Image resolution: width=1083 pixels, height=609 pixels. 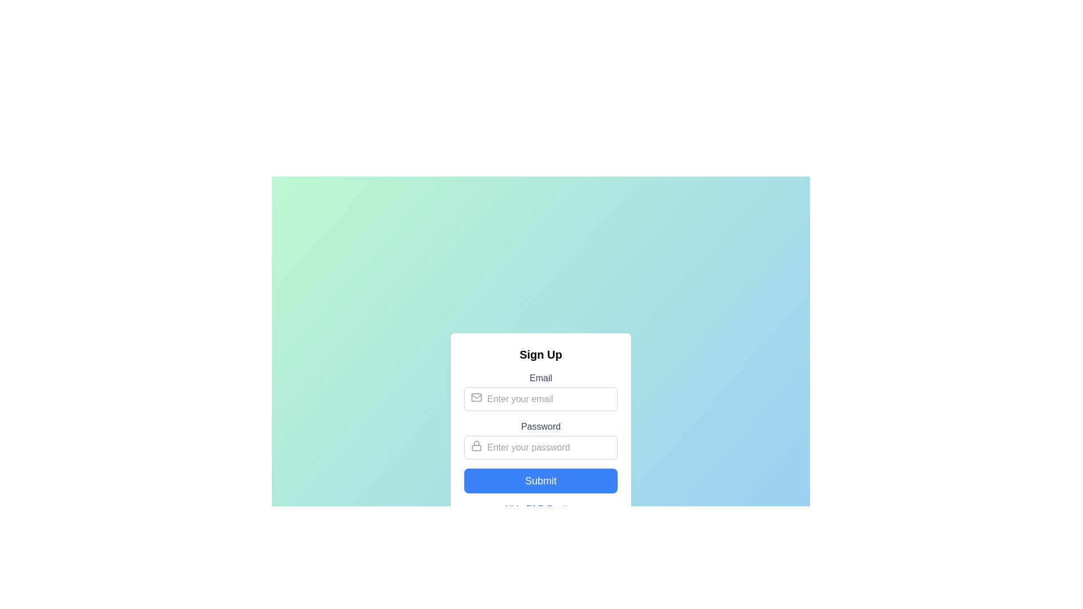 What do you see at coordinates (476, 447) in the screenshot?
I see `the padlock icon graphic element located within the 'Sign Up' form, positioned to the left of the 'Password' text input field` at bounding box center [476, 447].